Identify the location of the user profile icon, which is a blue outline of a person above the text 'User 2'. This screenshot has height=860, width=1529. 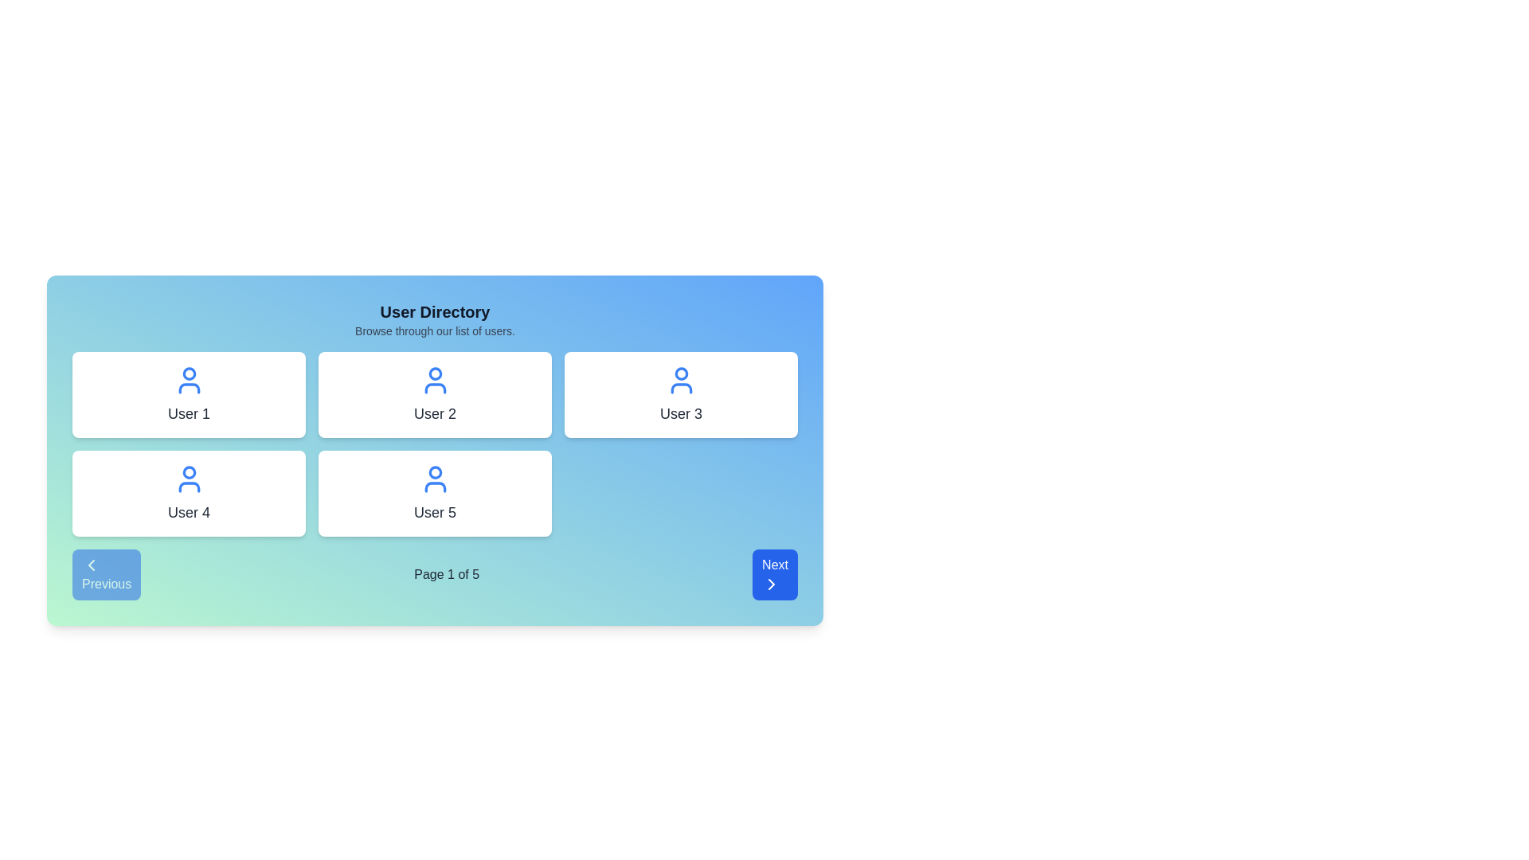
(435, 381).